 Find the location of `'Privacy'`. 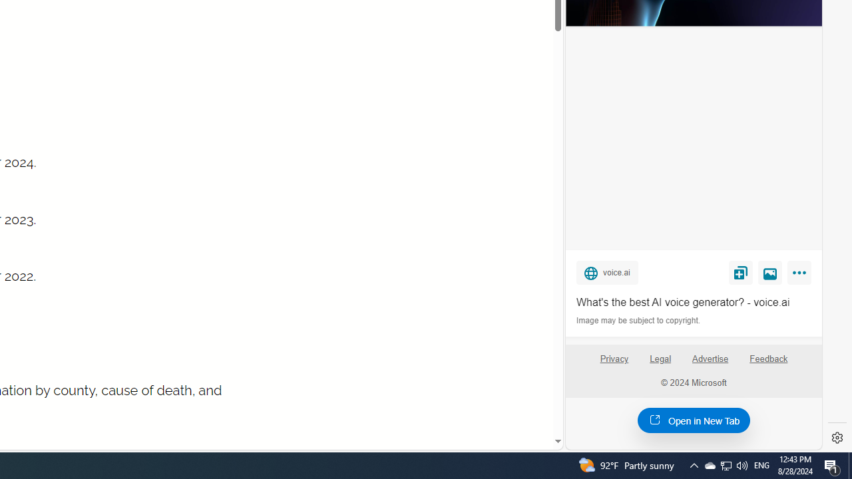

'Privacy' is located at coordinates (613, 358).